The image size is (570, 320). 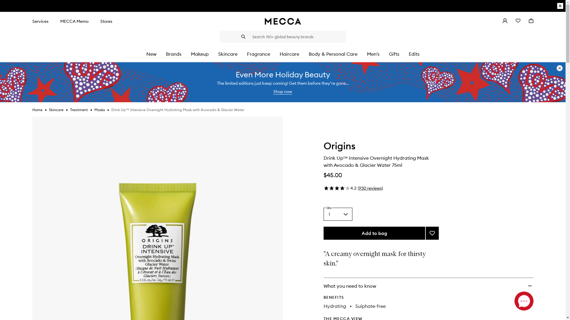 I want to click on 'Men's', so click(x=373, y=54).